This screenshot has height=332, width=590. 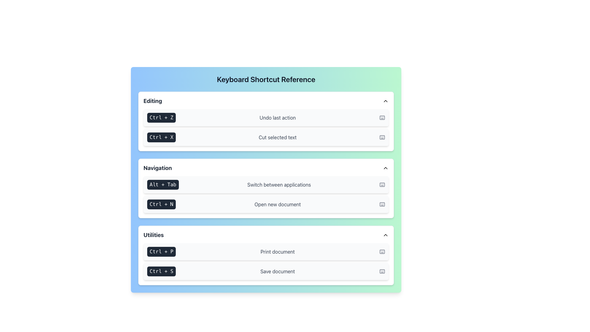 I want to click on the chevron icon located at the far right side of the 'Navigation' section's title bar, so click(x=385, y=168).